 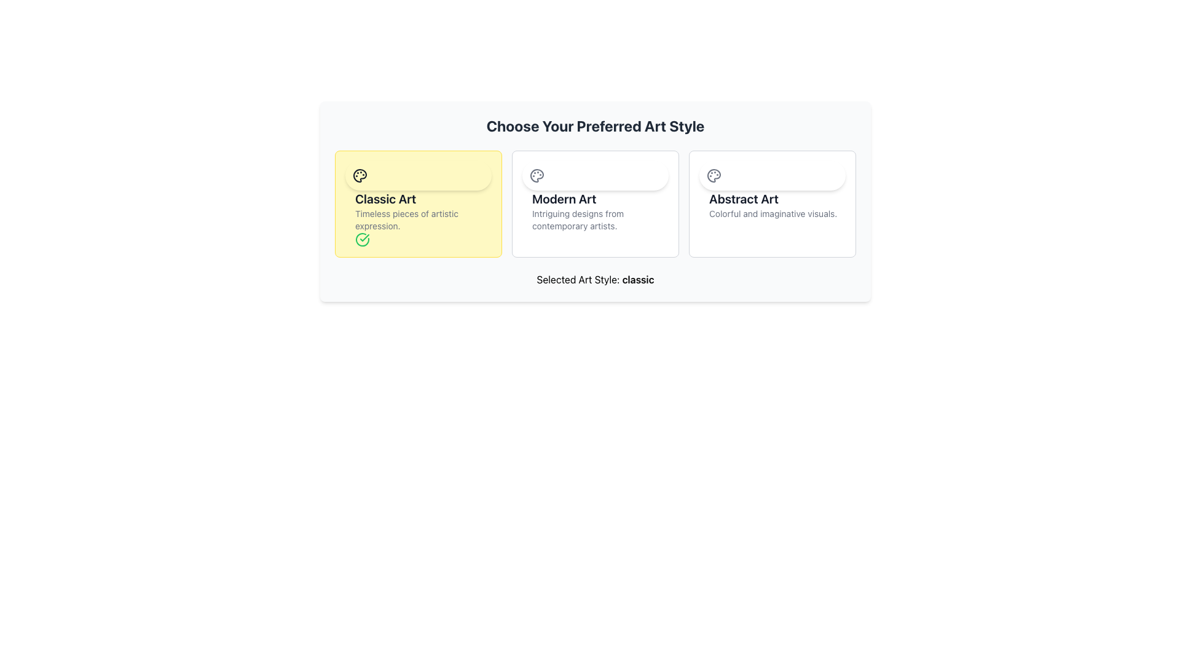 What do you see at coordinates (364, 237) in the screenshot?
I see `the visual state of the checkmark icon indicating the selection of the 'Classic Art' option, located in the bottom-right area of its card with a yellow background` at bounding box center [364, 237].